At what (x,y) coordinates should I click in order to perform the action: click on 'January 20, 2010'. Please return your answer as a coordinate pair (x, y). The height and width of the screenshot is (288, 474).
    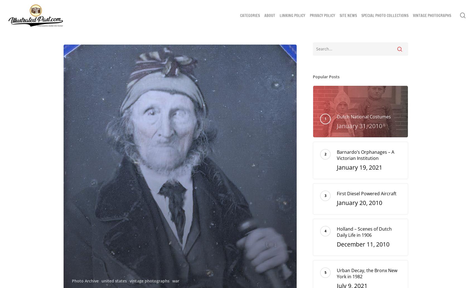
    Looking at the image, I should click on (359, 203).